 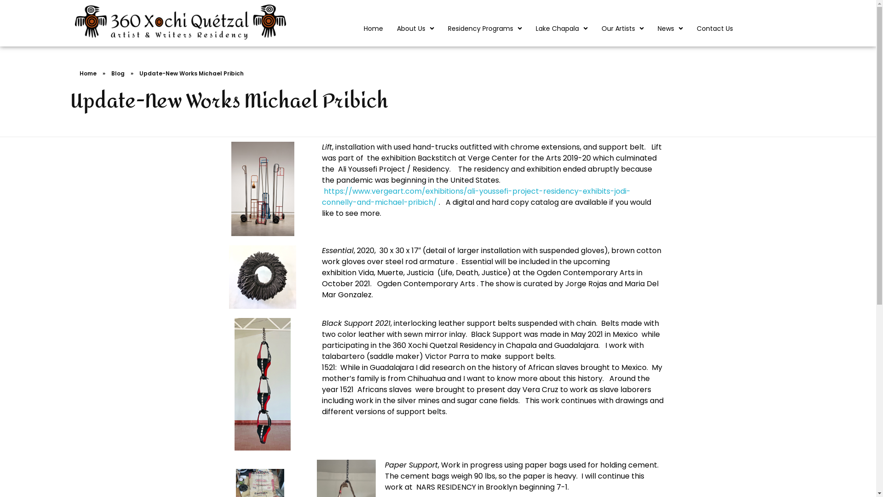 I want to click on 'News', so click(x=650, y=28).